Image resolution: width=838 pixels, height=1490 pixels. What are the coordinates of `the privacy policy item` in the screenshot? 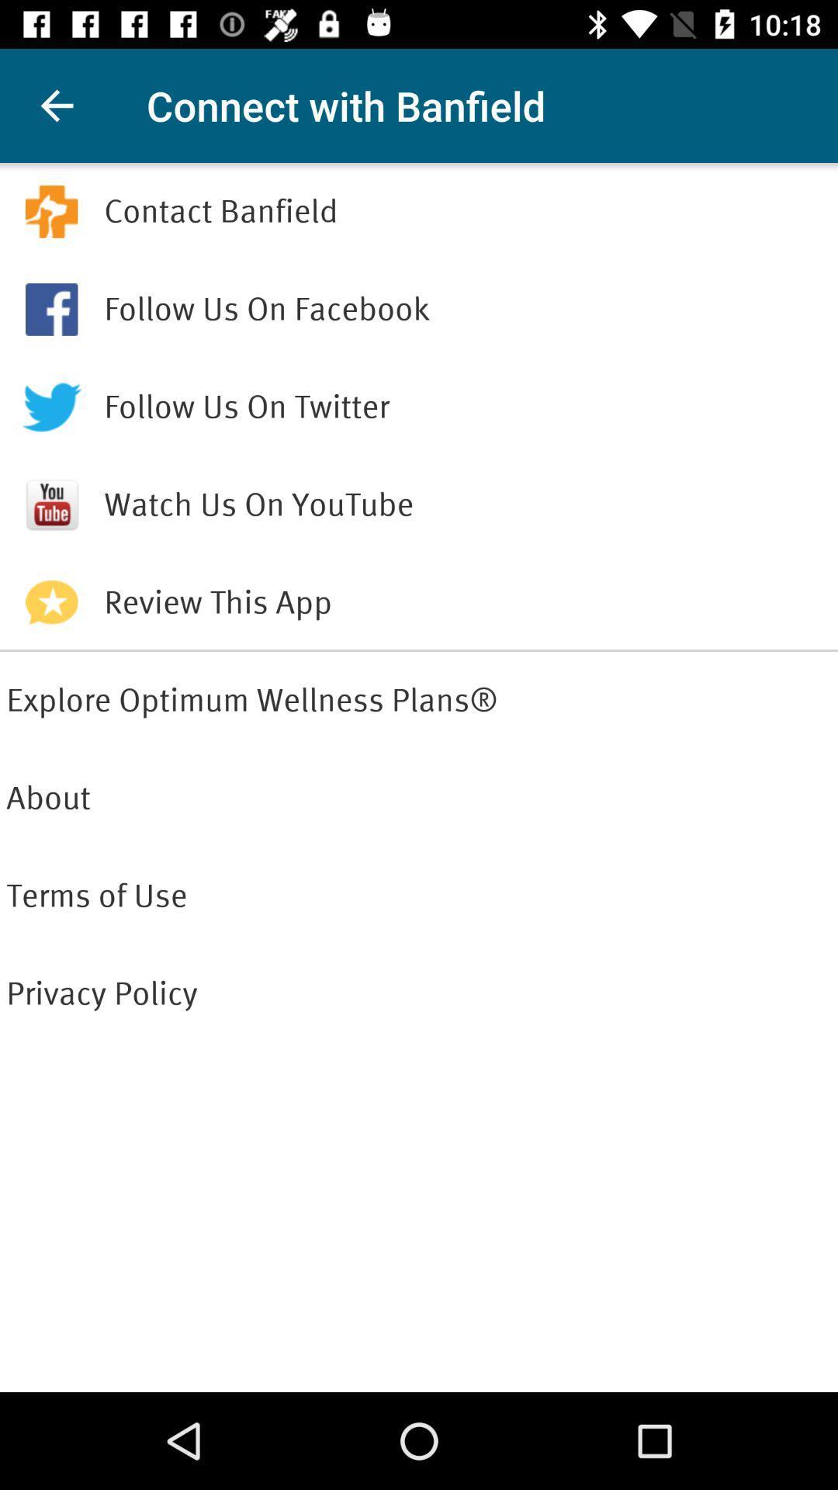 It's located at (419, 994).